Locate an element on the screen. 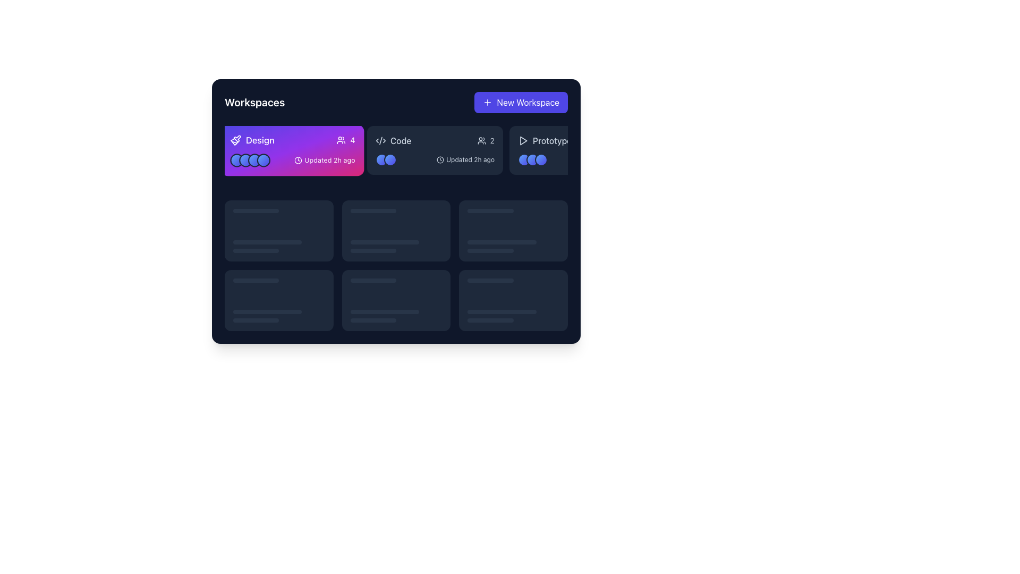  the loading indicator component positioned in the bottom-right quadrant of the grid layout is located at coordinates (513, 300).